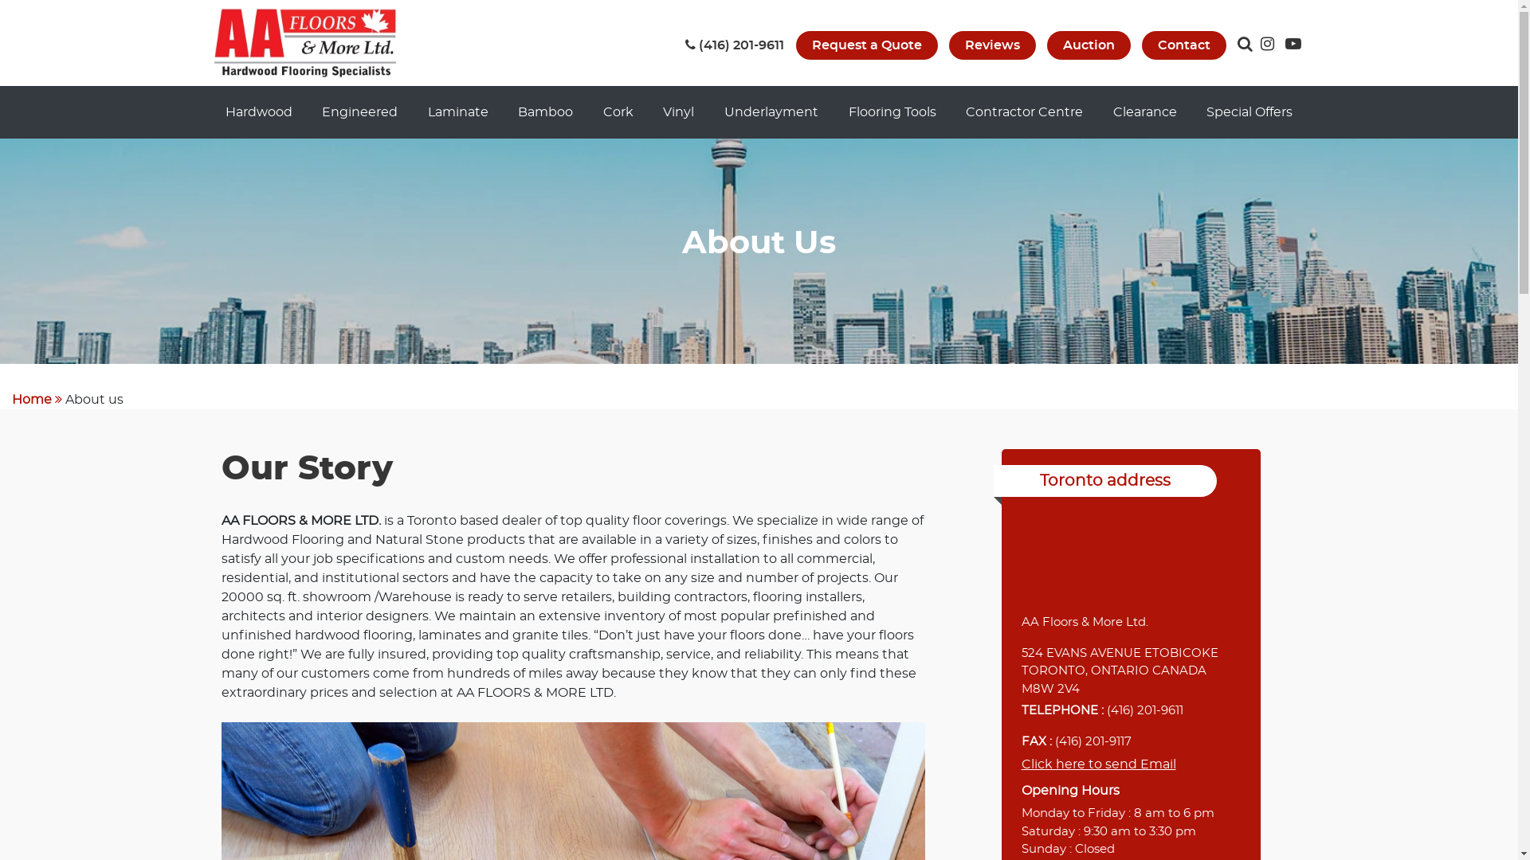  Describe the element at coordinates (964, 111) in the screenshot. I see `'Contractor Centre'` at that location.